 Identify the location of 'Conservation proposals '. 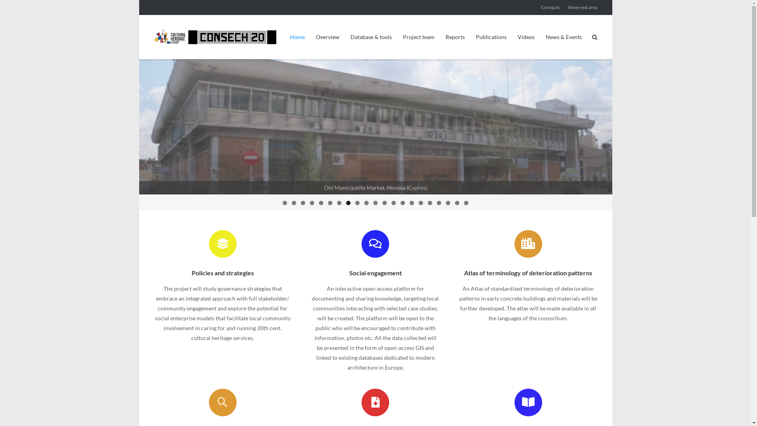
(375, 402).